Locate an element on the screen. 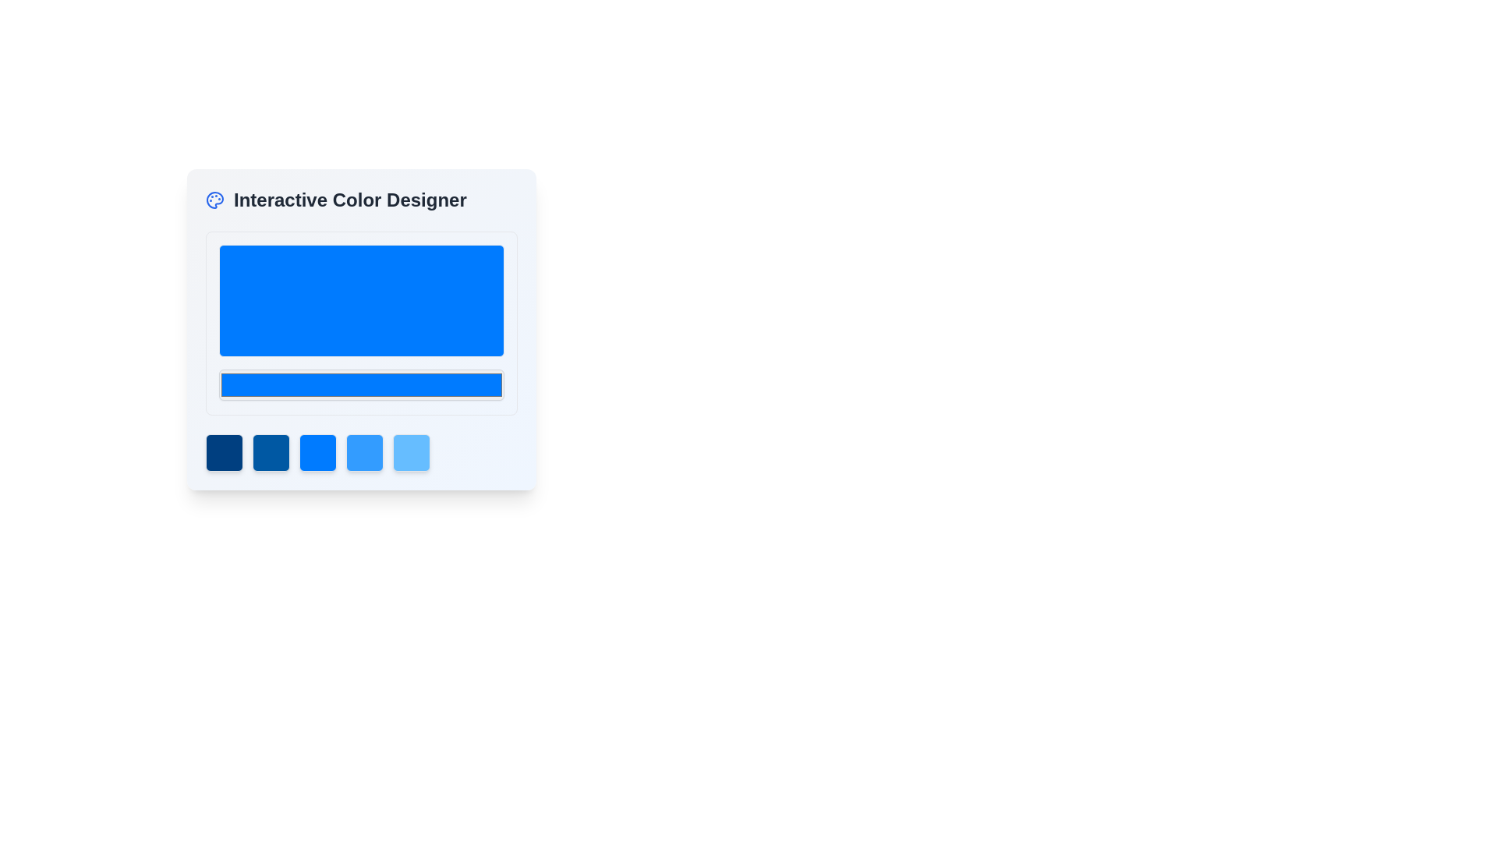 The width and height of the screenshot is (1497, 842). the fifth selectable element in the row under the title 'Interactive Color Designer', which is a square element with rounded corners and a light blue color is located at coordinates (412, 453).